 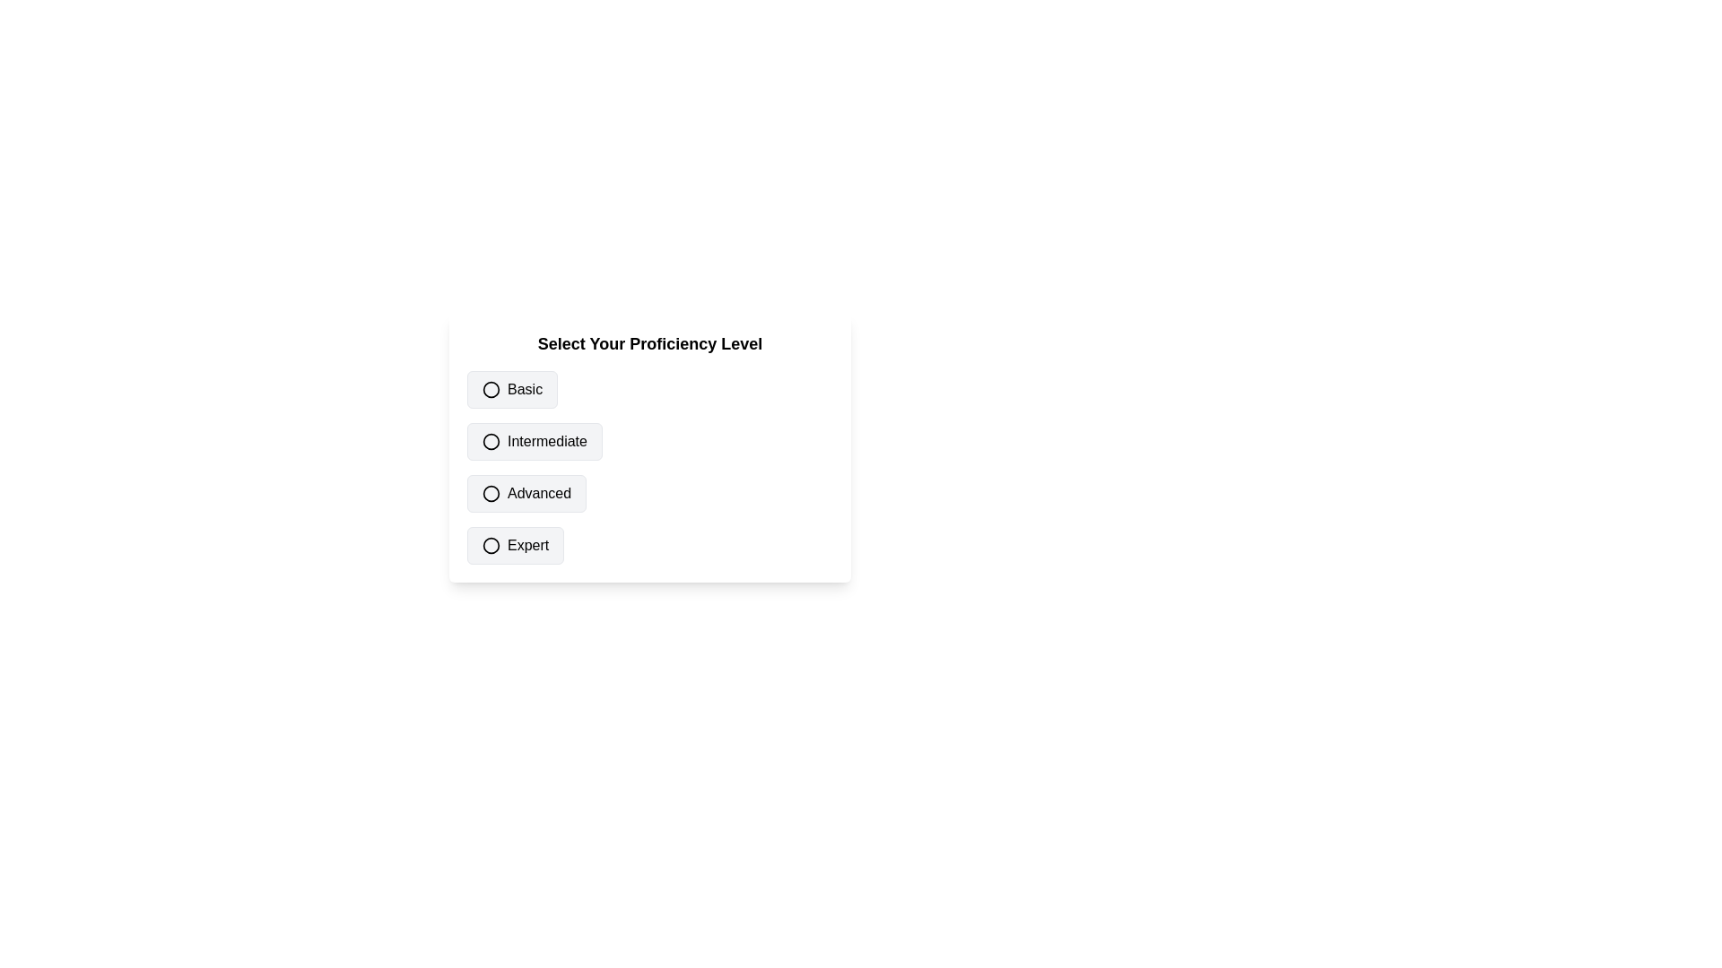 What do you see at coordinates (538, 494) in the screenshot?
I see `the text label displaying 'Advanced', which is positioned to the right of a circular icon in the third option of a vertical list of proficiency levels` at bounding box center [538, 494].